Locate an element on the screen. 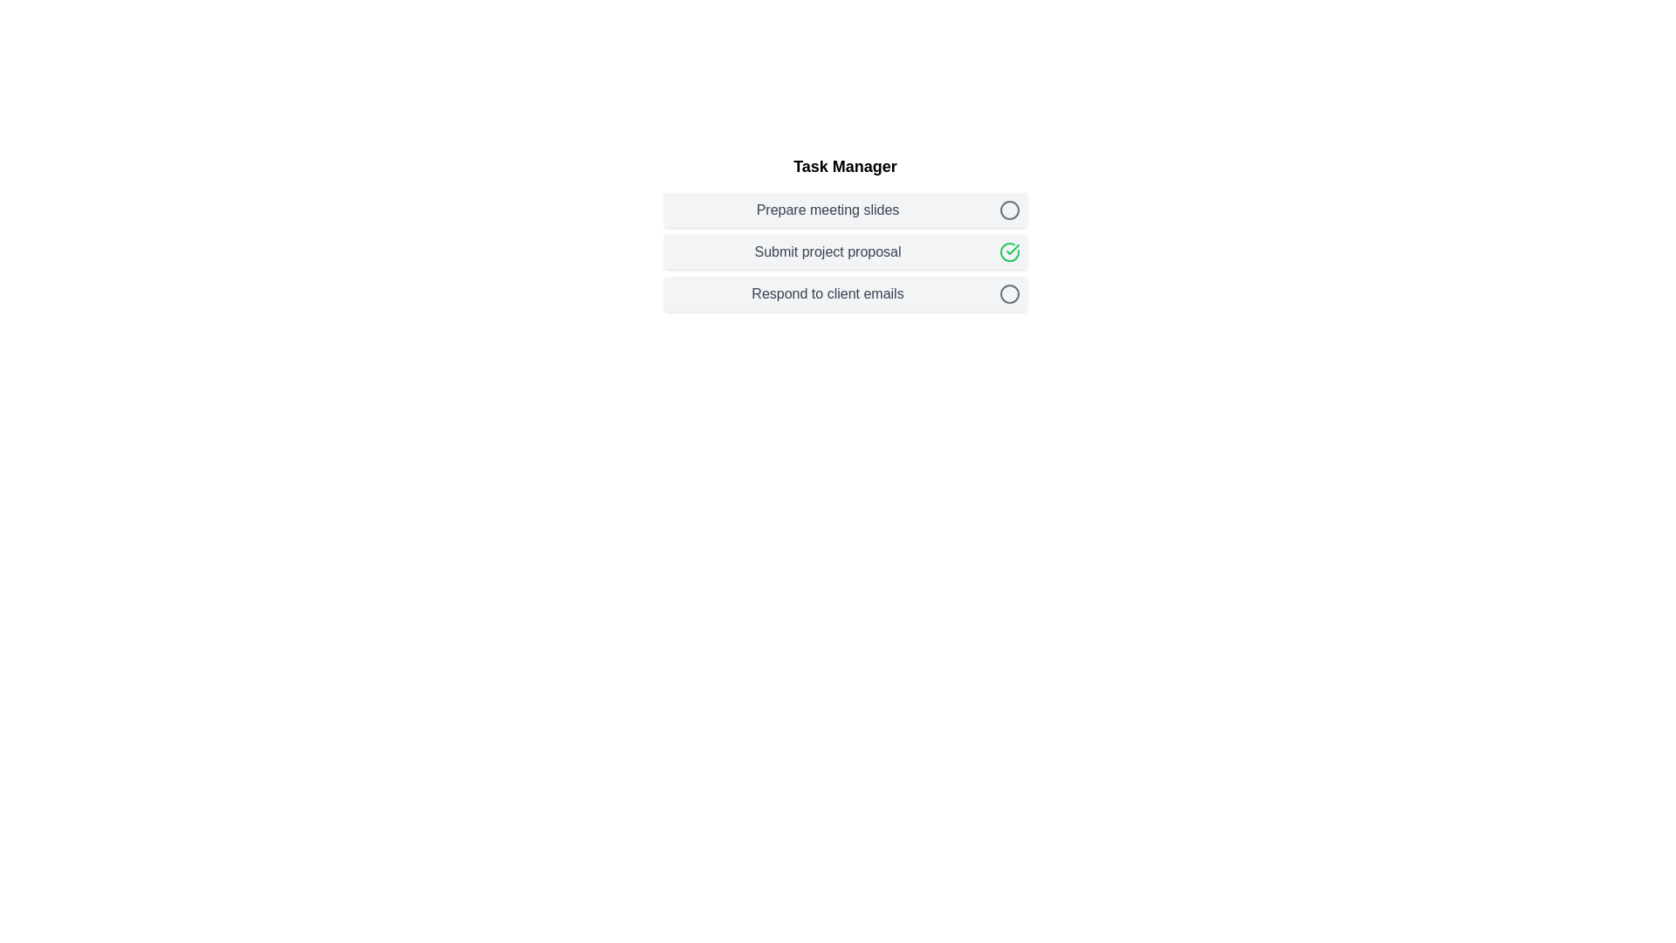 This screenshot has height=943, width=1676. the status icon indicating the unprepared or incomplete state for the 'Prepare meeting slides' task in the 'Task Manager' list is located at coordinates (1009, 209).